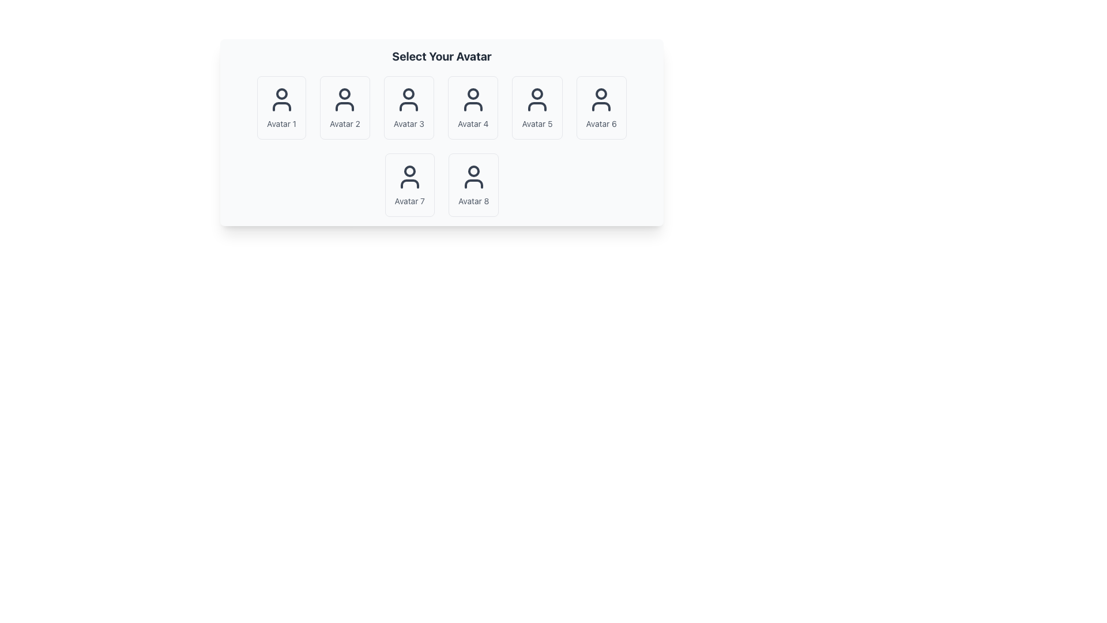 The width and height of the screenshot is (1107, 623). I want to click on label element that identifies 'Avatar 5', located at the bottom center of the corresponding card in the top right region of the grid layout, so click(536, 124).